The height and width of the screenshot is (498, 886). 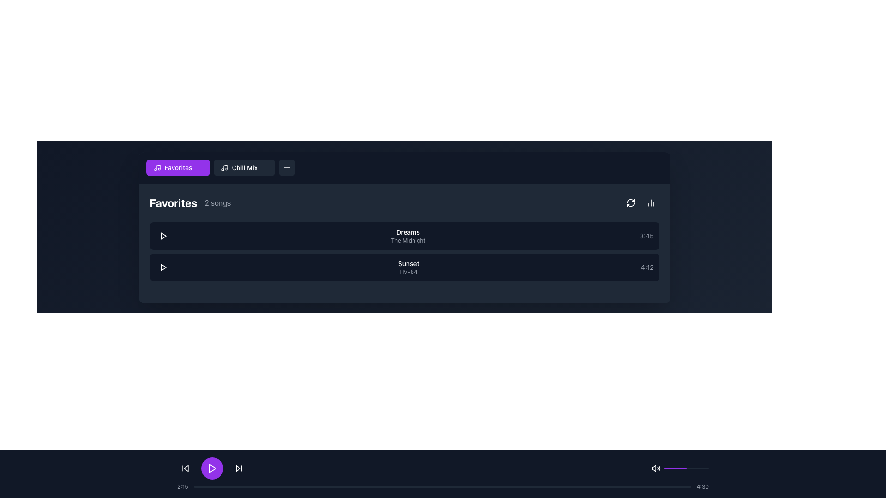 I want to click on the circular button with a dark background containing a white triangular play icon for the song 'Dreams' by 'The Midnight' to change its background color, so click(x=163, y=236).